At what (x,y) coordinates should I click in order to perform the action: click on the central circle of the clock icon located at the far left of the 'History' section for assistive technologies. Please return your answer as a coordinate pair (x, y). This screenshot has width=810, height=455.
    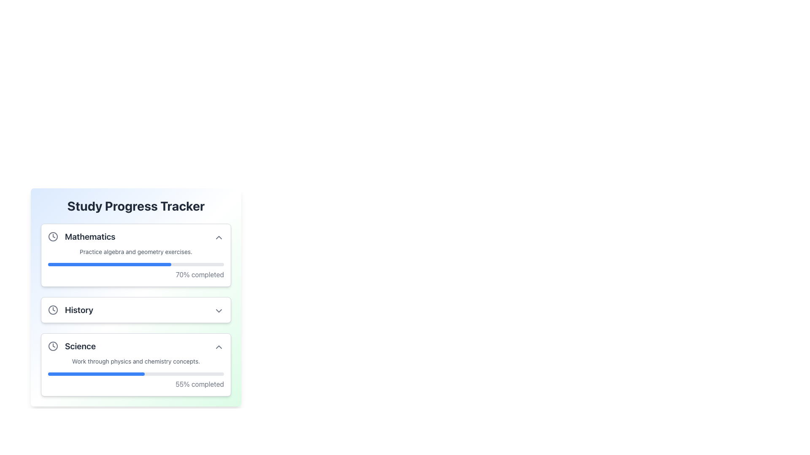
    Looking at the image, I should click on (52, 310).